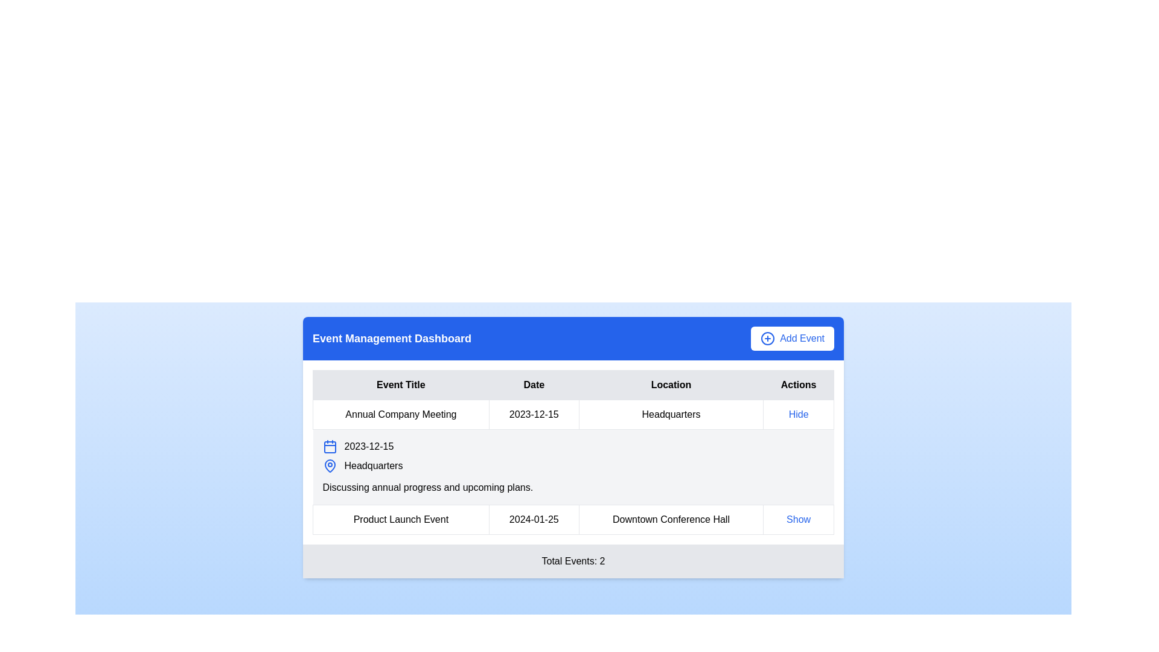 The width and height of the screenshot is (1159, 652). I want to click on the blue pin-point map marker icon located next to the text 'Headquarters', part of the event summary visual row, so click(330, 465).